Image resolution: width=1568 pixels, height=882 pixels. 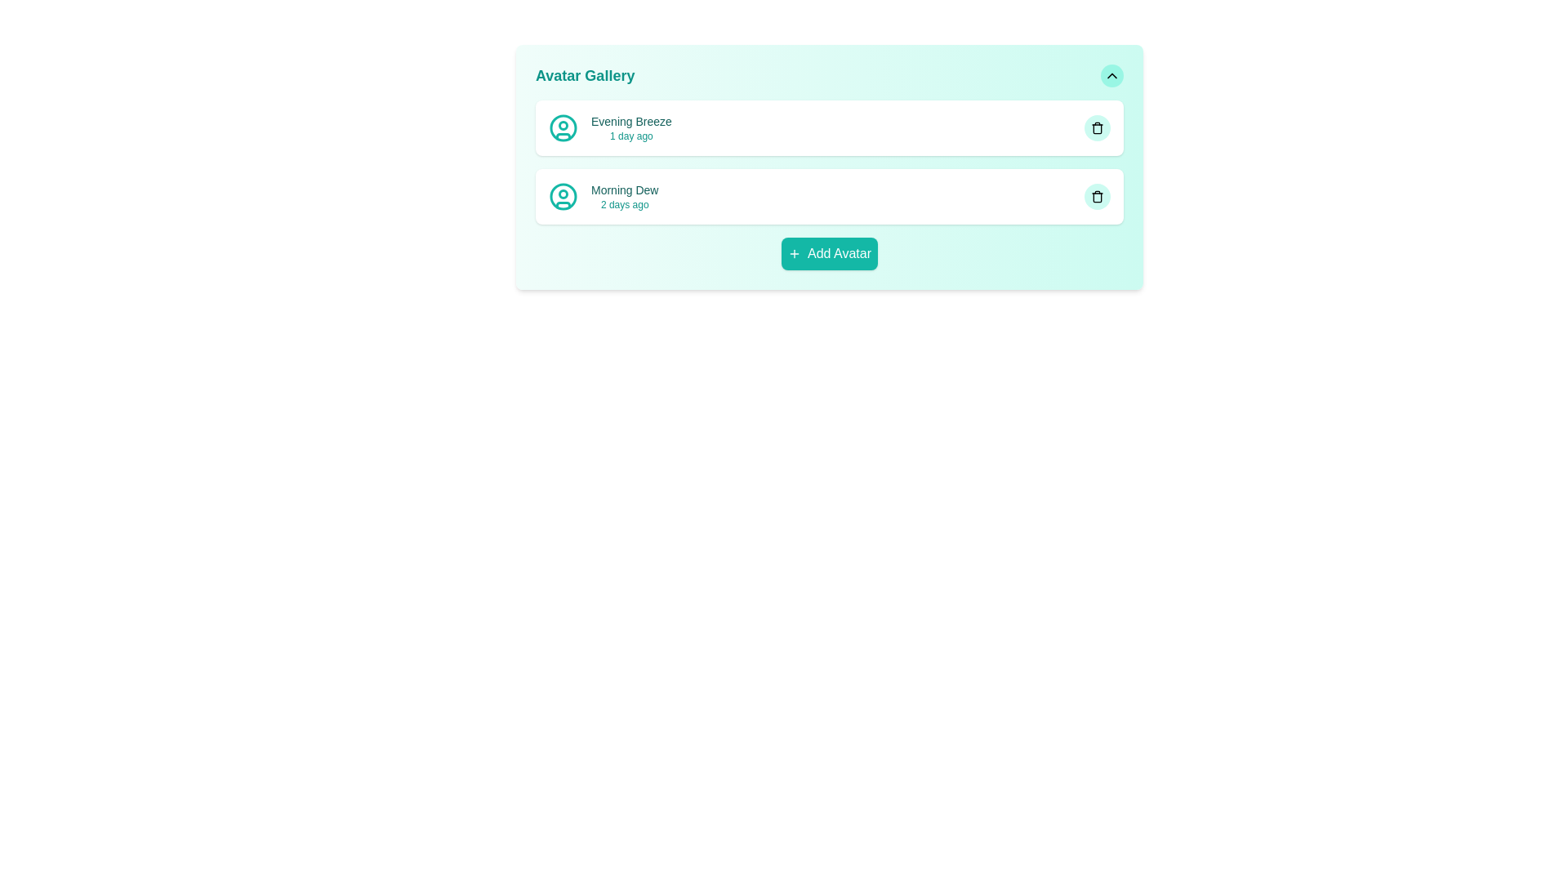 What do you see at coordinates (1098, 195) in the screenshot?
I see `the trash icon button located in the top-right corner of the second list item under the 'Morning Dew' label` at bounding box center [1098, 195].